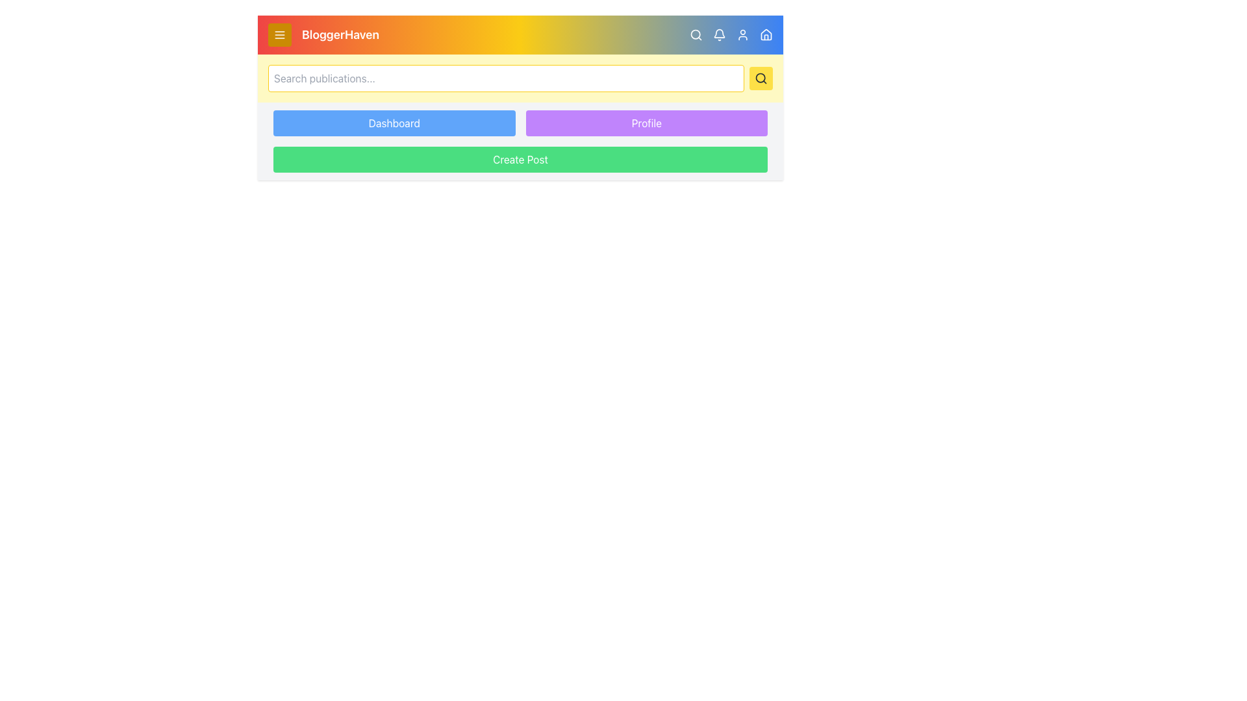 The width and height of the screenshot is (1247, 701). Describe the element at coordinates (761, 78) in the screenshot. I see `the circular part of the search icon, which is a vector graphic element resembling a magnifying glass's lens, located to the right of the search bar in the top section of the interface` at that location.